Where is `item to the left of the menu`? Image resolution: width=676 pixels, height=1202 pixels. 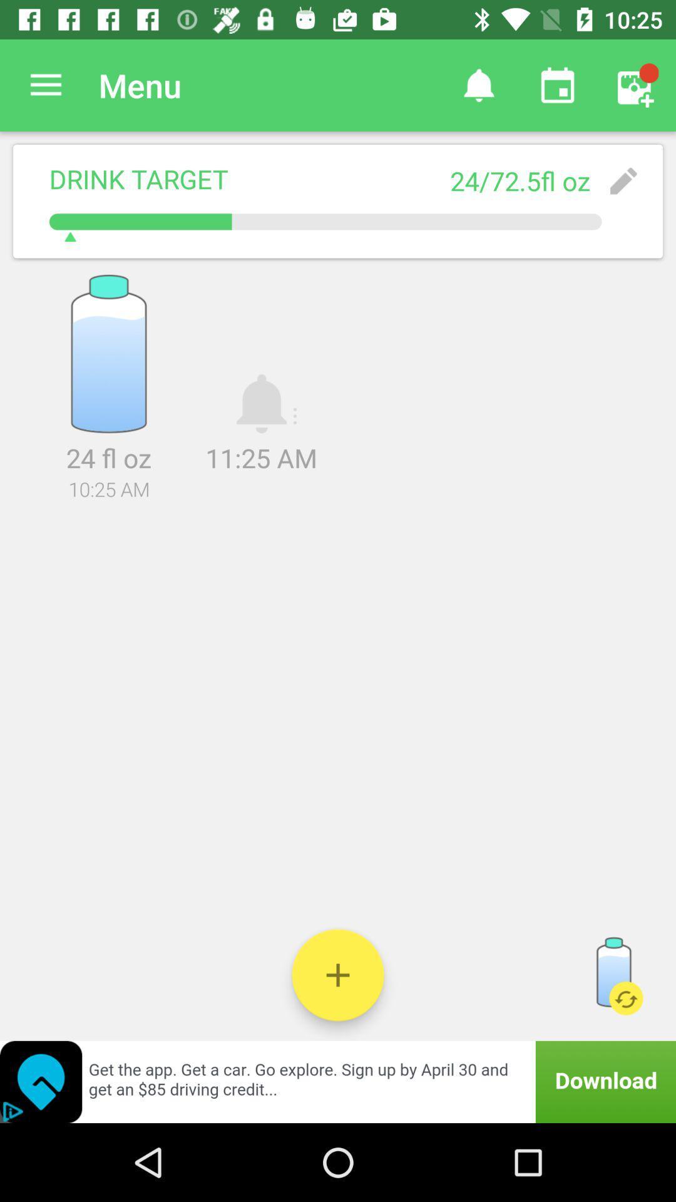
item to the left of the menu is located at coordinates (45, 85).